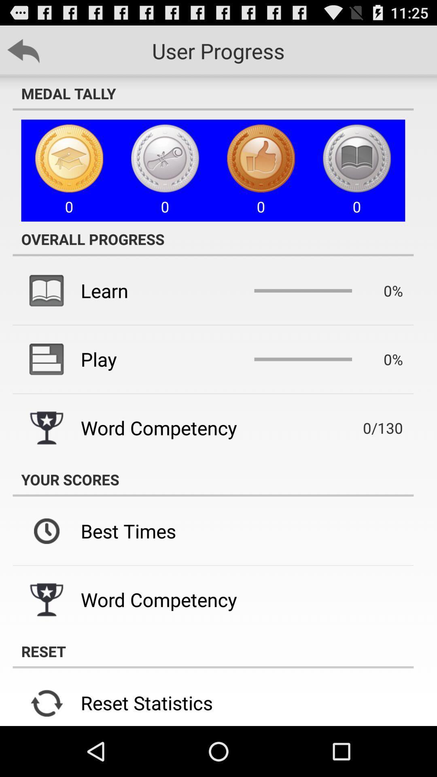 Image resolution: width=437 pixels, height=777 pixels. I want to click on the icon above the word competency icon, so click(98, 359).